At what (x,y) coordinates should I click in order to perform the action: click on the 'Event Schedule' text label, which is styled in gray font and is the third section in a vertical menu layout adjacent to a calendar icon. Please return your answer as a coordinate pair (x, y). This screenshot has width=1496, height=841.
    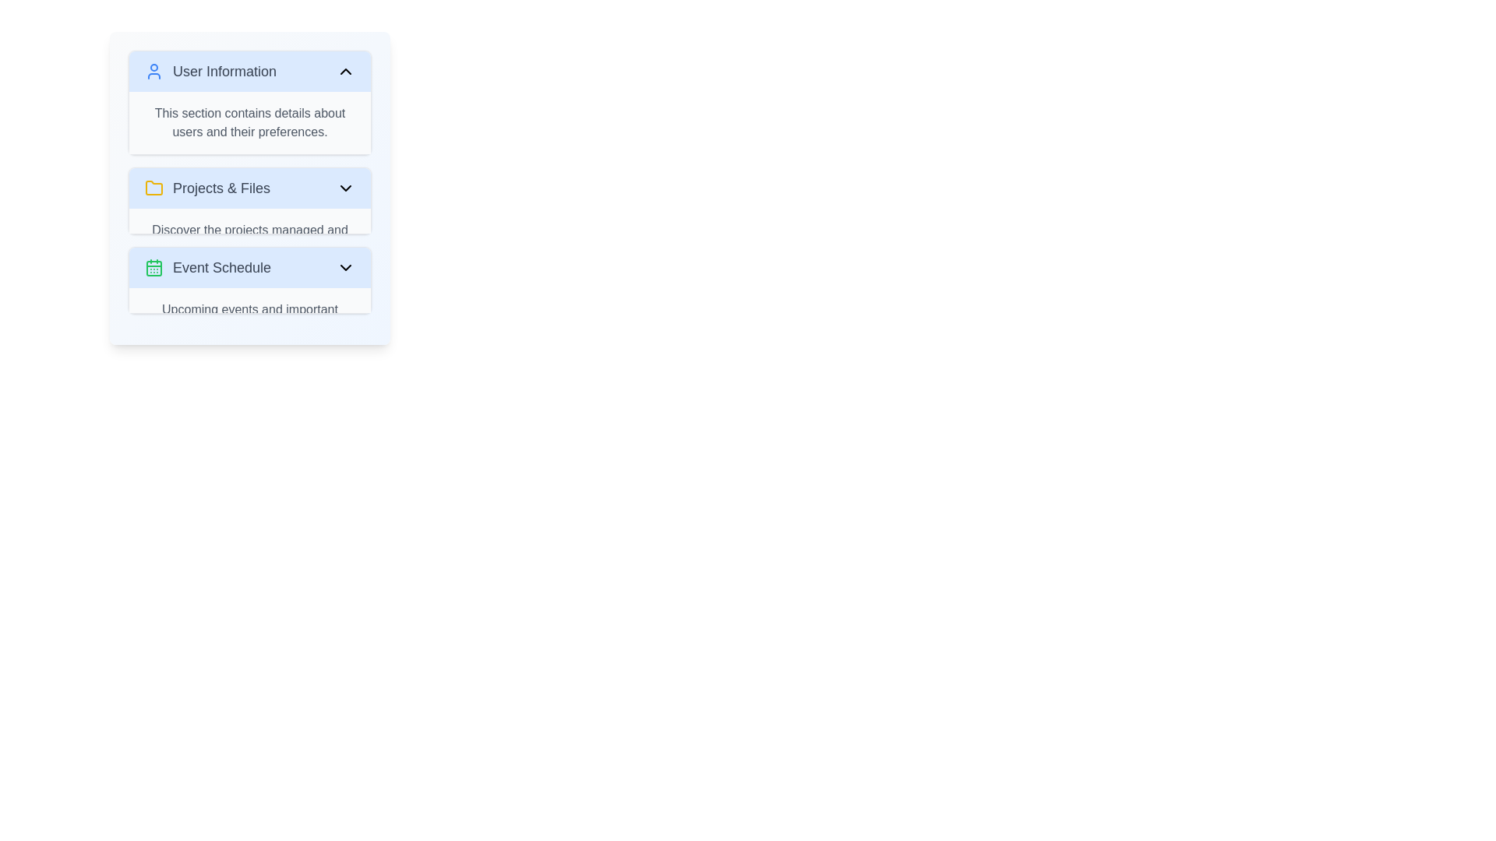
    Looking at the image, I should click on (221, 266).